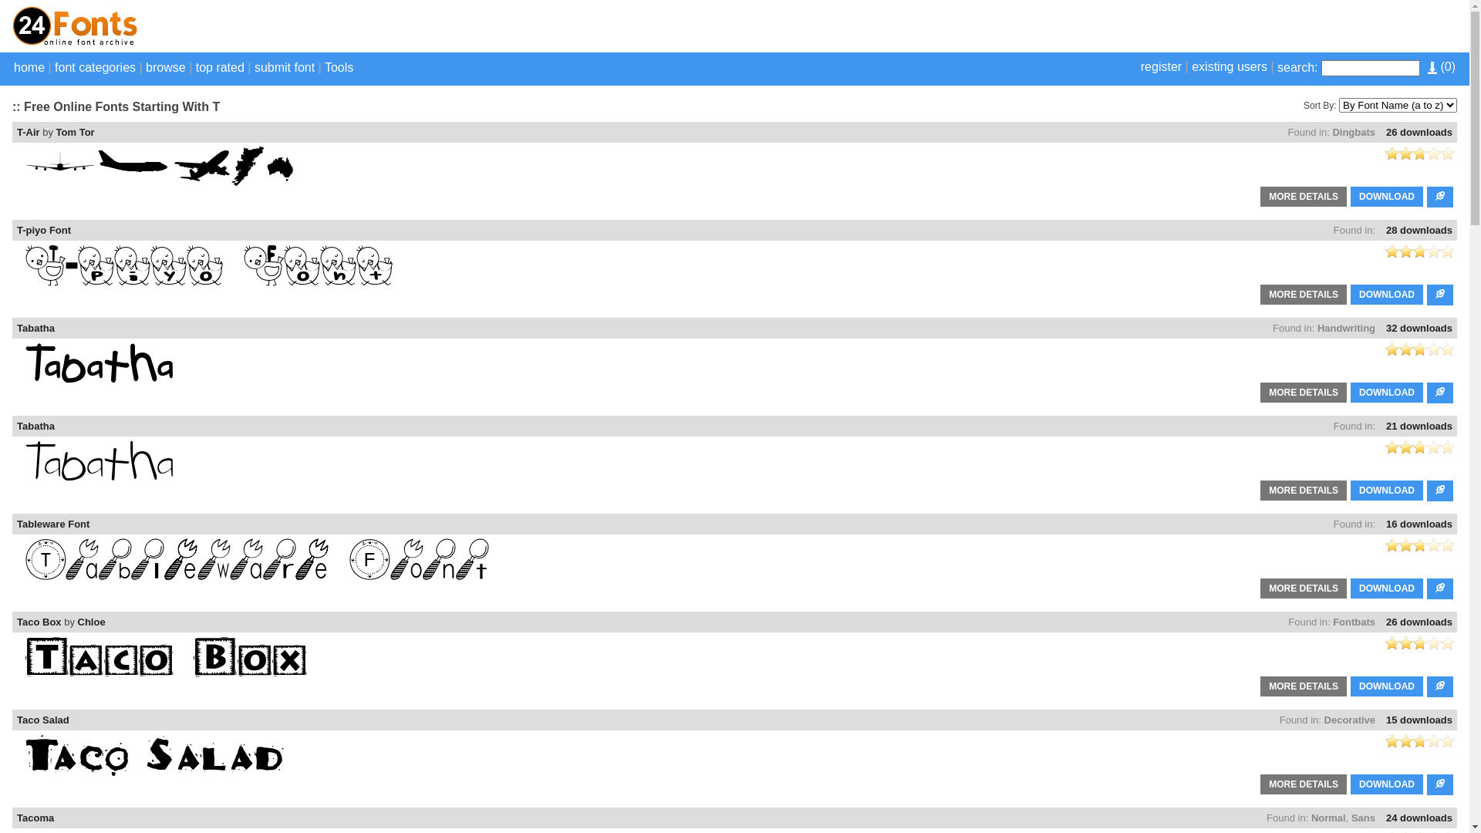  I want to click on 'Sans', so click(1351, 817).